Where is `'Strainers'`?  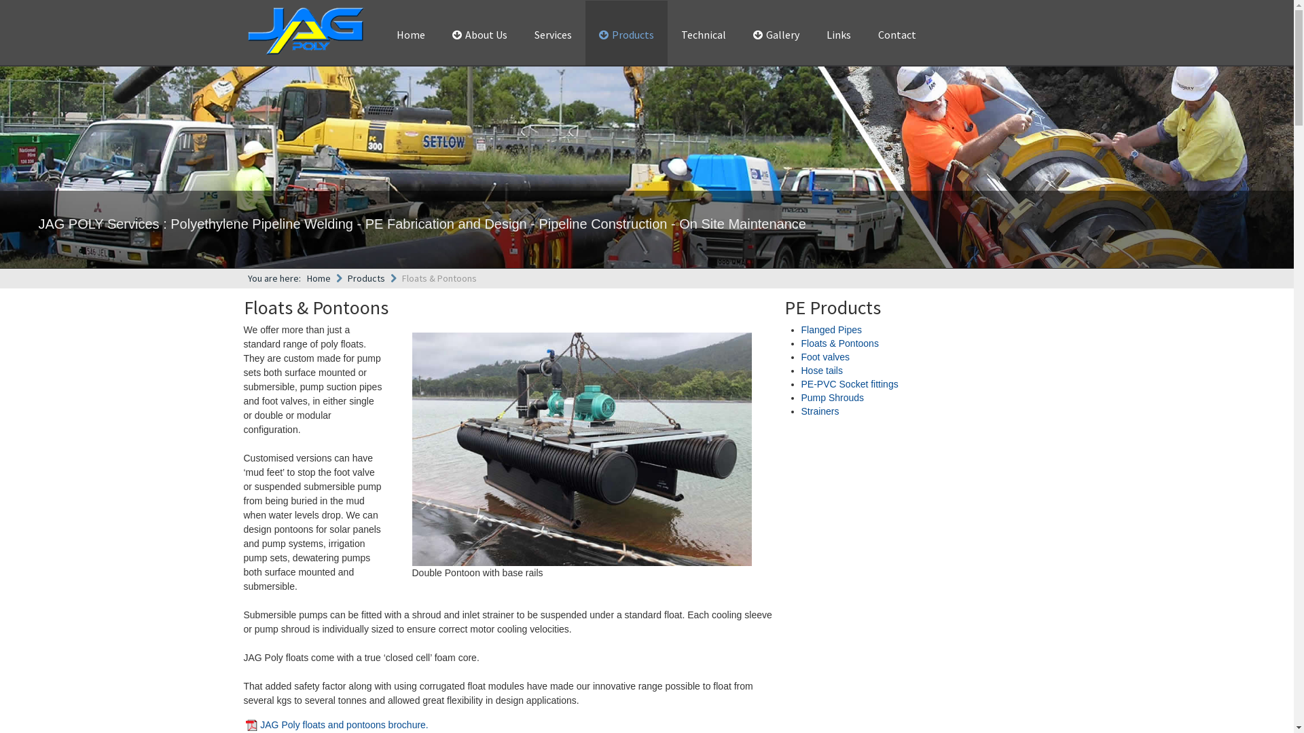 'Strainers' is located at coordinates (820, 410).